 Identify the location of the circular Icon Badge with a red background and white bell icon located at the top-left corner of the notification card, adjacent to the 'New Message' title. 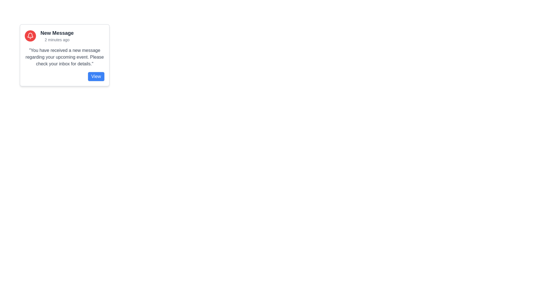
(30, 36).